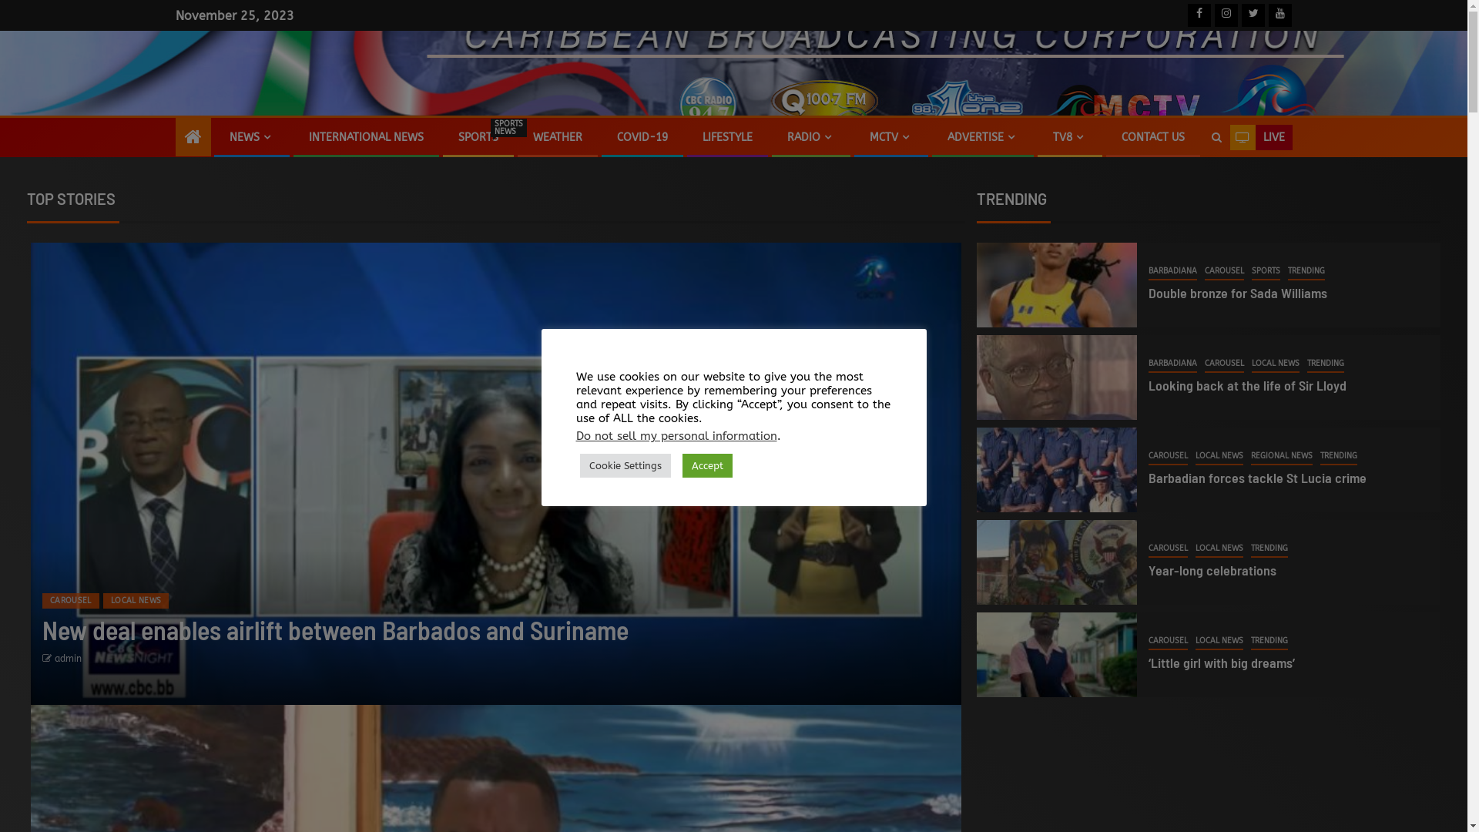  Describe the element at coordinates (1219, 642) in the screenshot. I see `'LOCAL NEWS'` at that location.